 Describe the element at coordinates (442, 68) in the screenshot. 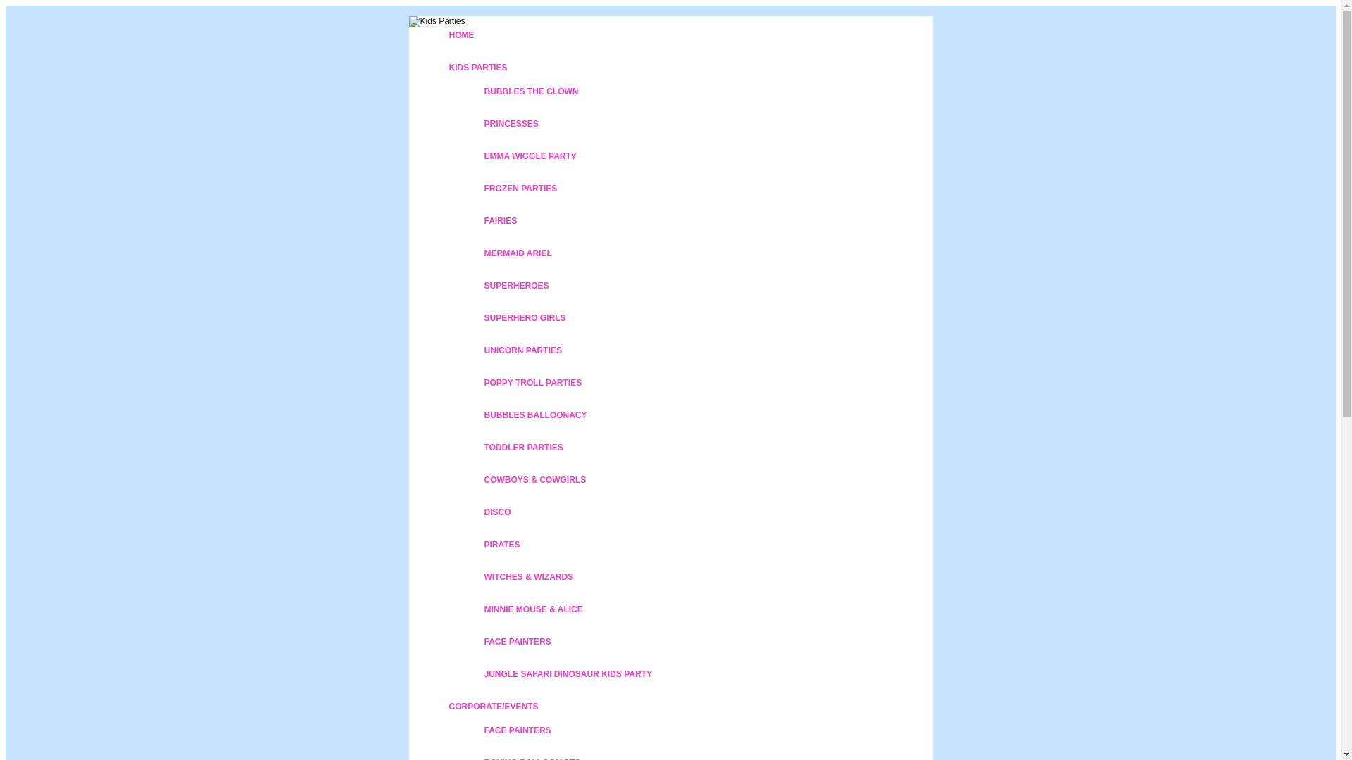

I see `'KIDS PARTIES'` at that location.